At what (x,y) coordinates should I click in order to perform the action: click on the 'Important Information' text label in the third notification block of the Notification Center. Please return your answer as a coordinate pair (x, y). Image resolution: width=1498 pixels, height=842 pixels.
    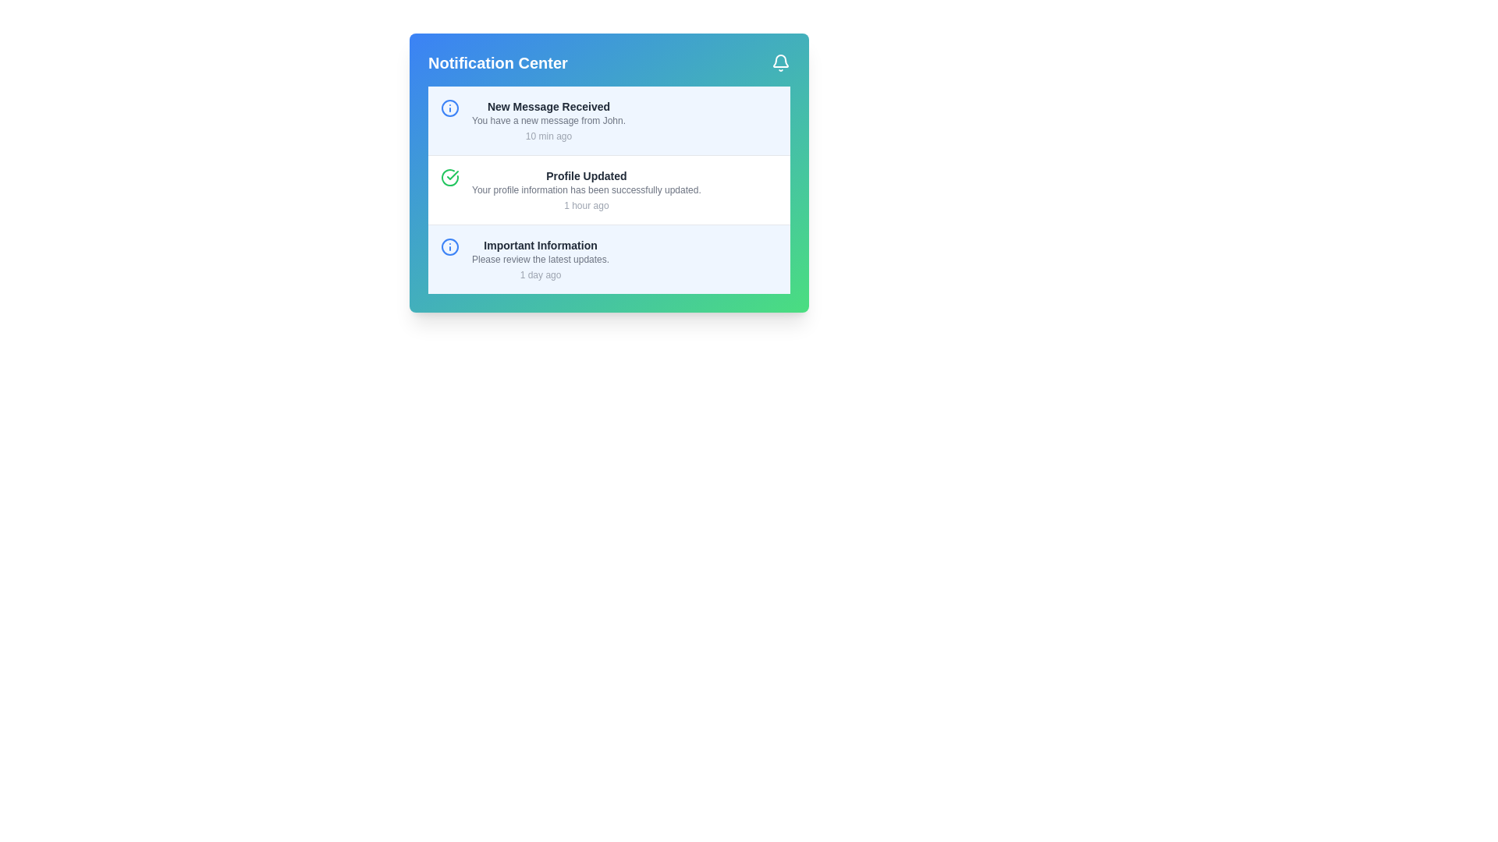
    Looking at the image, I should click on (541, 246).